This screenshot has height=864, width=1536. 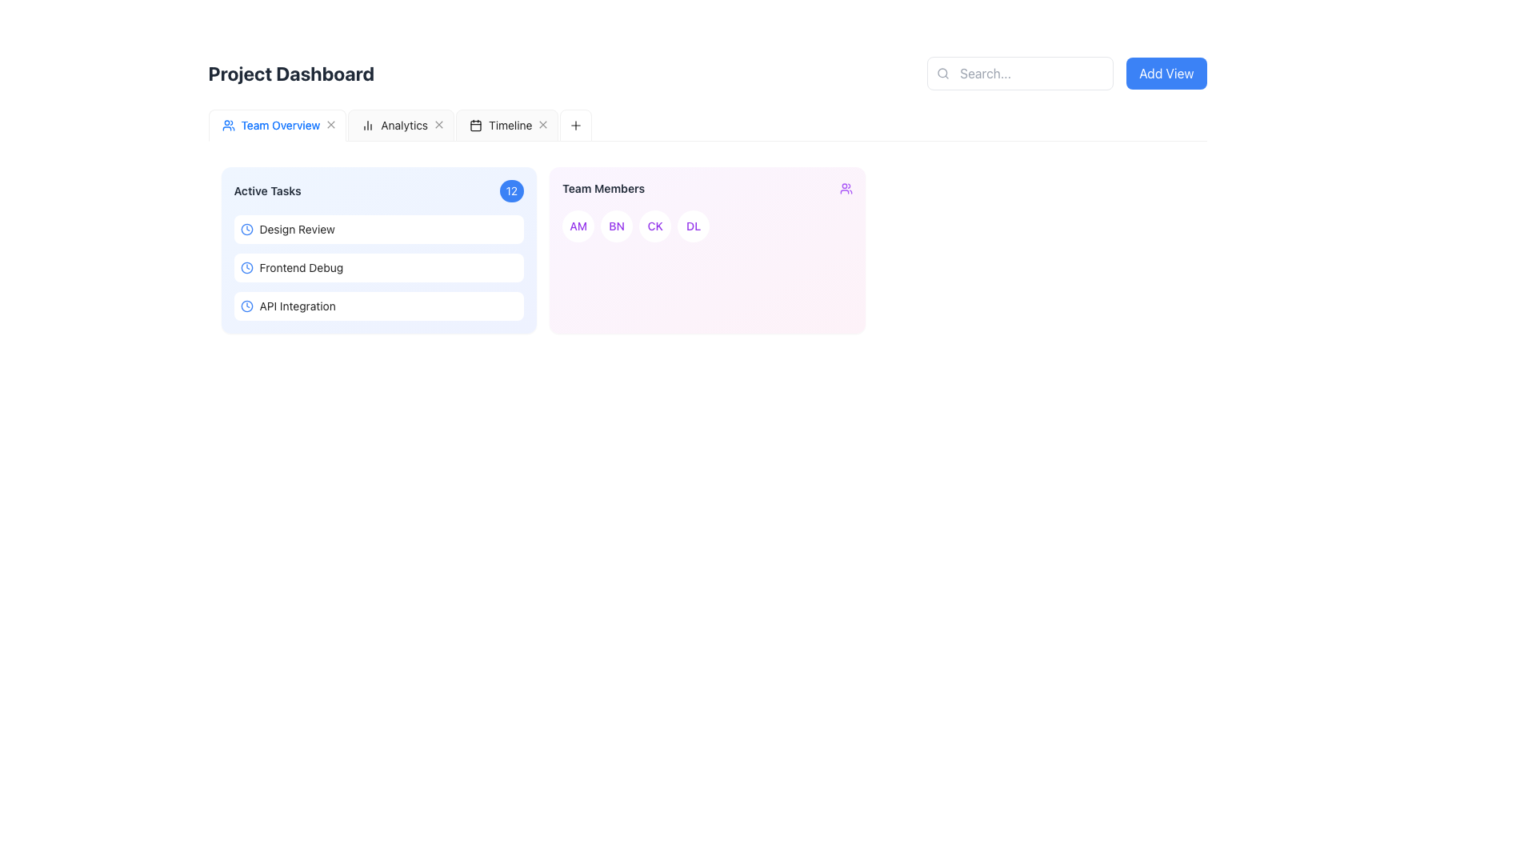 I want to click on the search icon located to the left of the search input field, adjacent to the 'Search...' placeholder, so click(x=943, y=74).